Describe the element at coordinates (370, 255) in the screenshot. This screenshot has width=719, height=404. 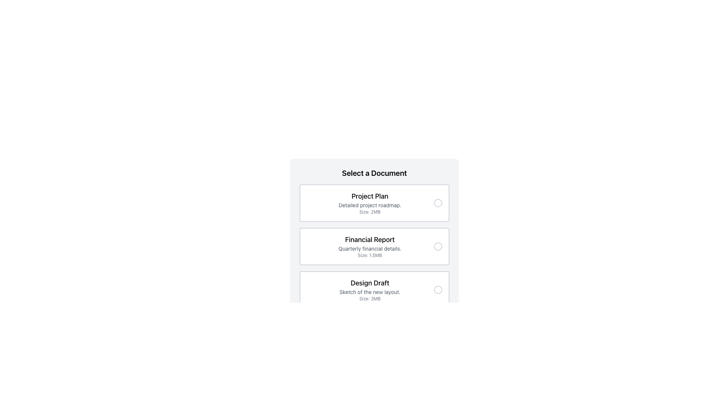
I see `text label that displays 'Size: 1.5MB', located in the financial report section beneath 'Quarterly financial details'` at that location.